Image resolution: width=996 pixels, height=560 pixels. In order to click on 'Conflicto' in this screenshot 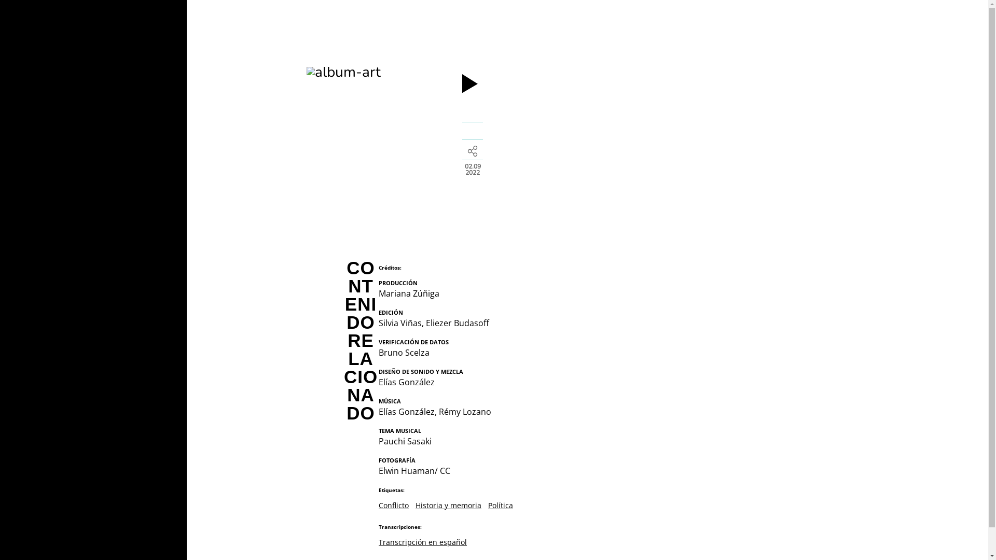, I will do `click(393, 505)`.